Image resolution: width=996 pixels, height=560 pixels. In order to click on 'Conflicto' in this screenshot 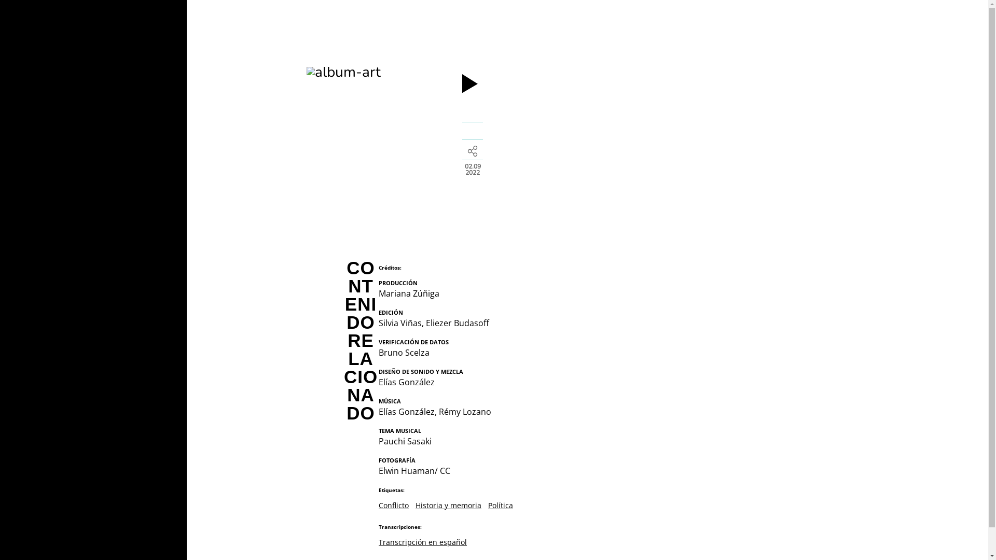, I will do `click(393, 505)`.